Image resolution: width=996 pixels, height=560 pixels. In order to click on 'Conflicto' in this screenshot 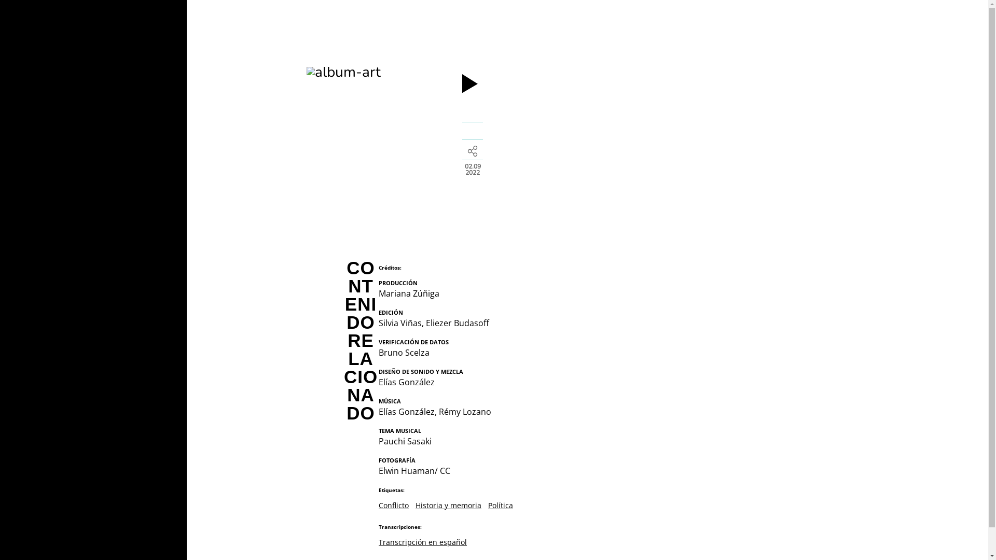, I will do `click(393, 505)`.